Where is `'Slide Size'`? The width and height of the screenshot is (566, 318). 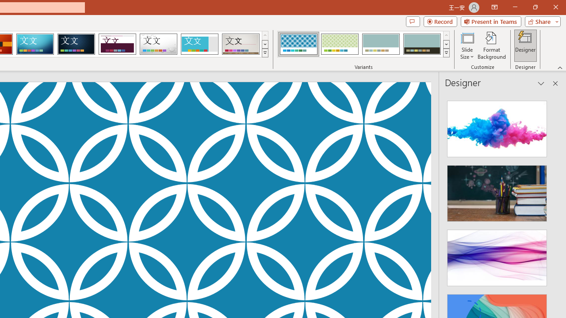
'Slide Size' is located at coordinates (467, 45).